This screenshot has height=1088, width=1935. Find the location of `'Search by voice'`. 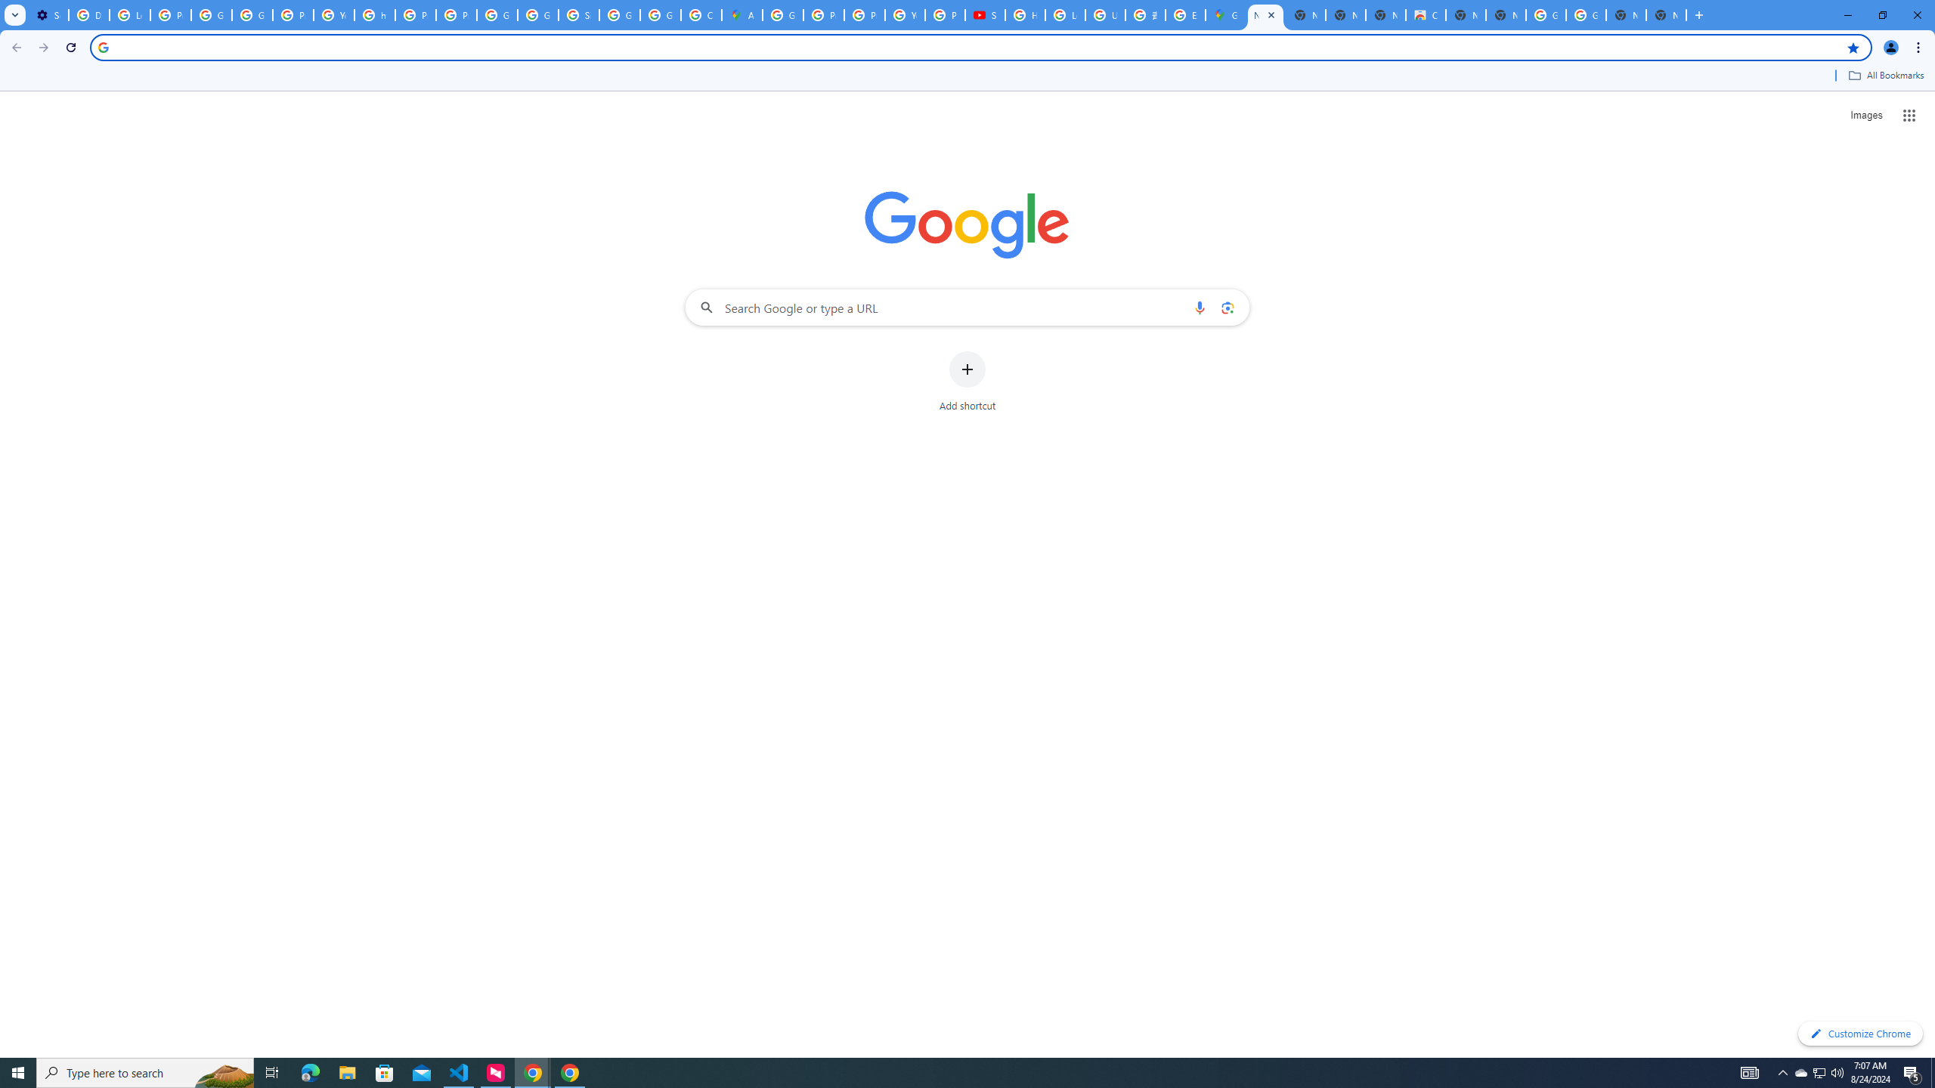

'Search by voice' is located at coordinates (1199, 306).